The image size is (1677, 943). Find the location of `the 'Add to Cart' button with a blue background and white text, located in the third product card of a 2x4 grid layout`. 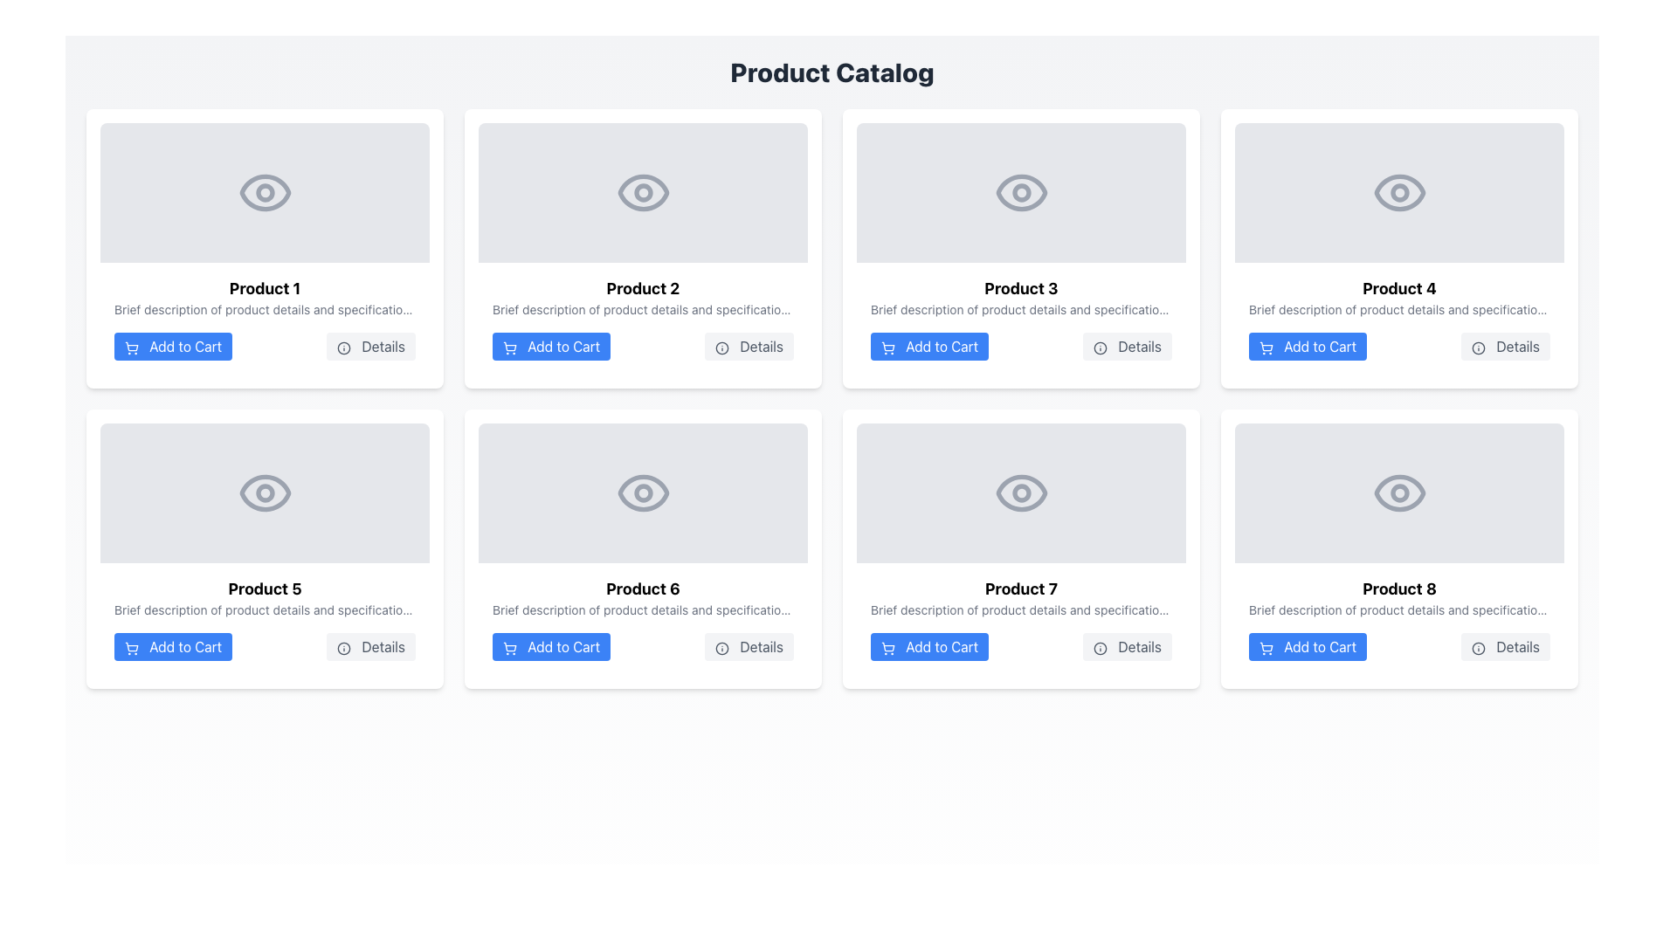

the 'Add to Cart' button with a blue background and white text, located in the third product card of a 2x4 grid layout is located at coordinates (928, 347).